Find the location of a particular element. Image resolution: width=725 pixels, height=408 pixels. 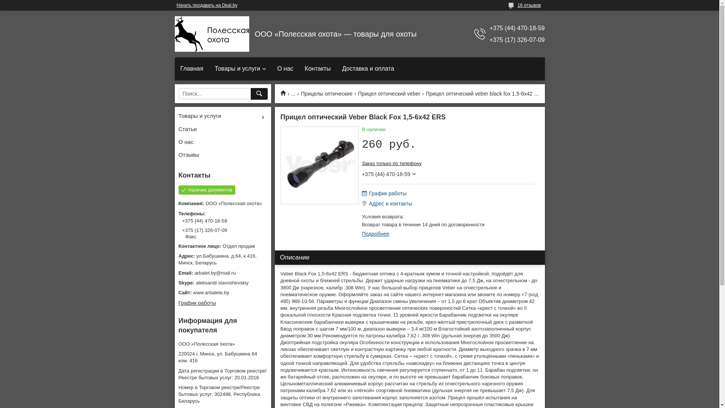

'arbalet.by@mail.ru' is located at coordinates (222, 273).